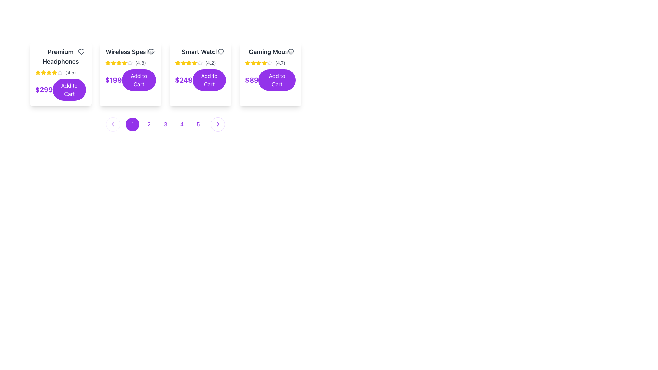  Describe the element at coordinates (221, 51) in the screenshot. I see `the heart-shaped icon located at the top-right area of the 'Smart Watch' card` at that location.